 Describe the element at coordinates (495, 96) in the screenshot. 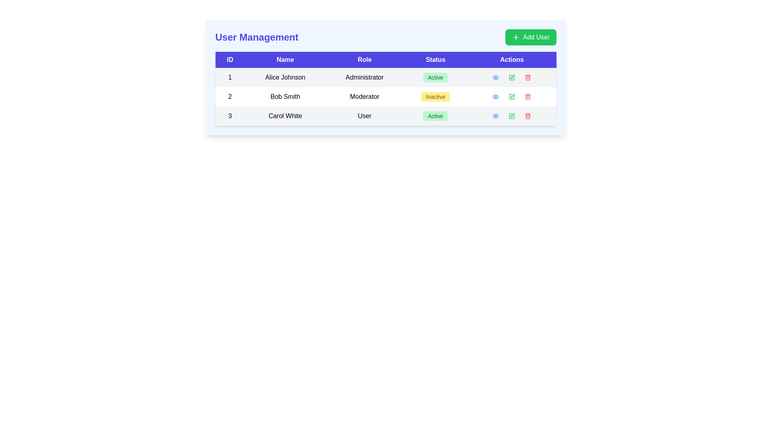

I see `the 'view' action icon located in the 'Actions' column of the second row for user 'Bob Smith'. This icon is the first in that row` at that location.